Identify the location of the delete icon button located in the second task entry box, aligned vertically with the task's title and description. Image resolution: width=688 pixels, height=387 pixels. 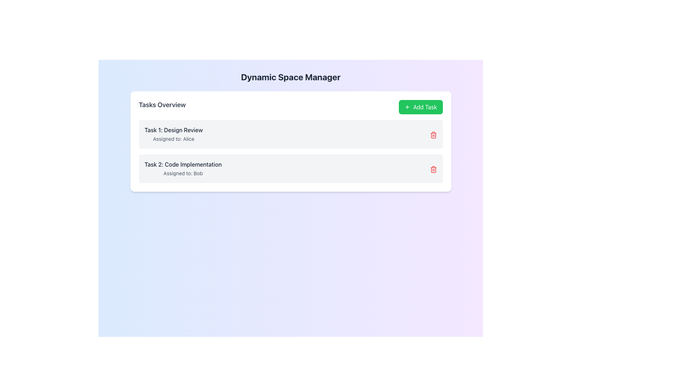
(433, 170).